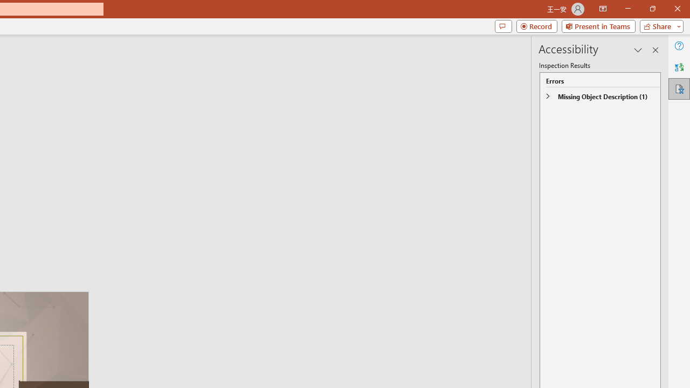 The image size is (690, 388). Describe the element at coordinates (598, 25) in the screenshot. I see `'Present in Teams'` at that location.